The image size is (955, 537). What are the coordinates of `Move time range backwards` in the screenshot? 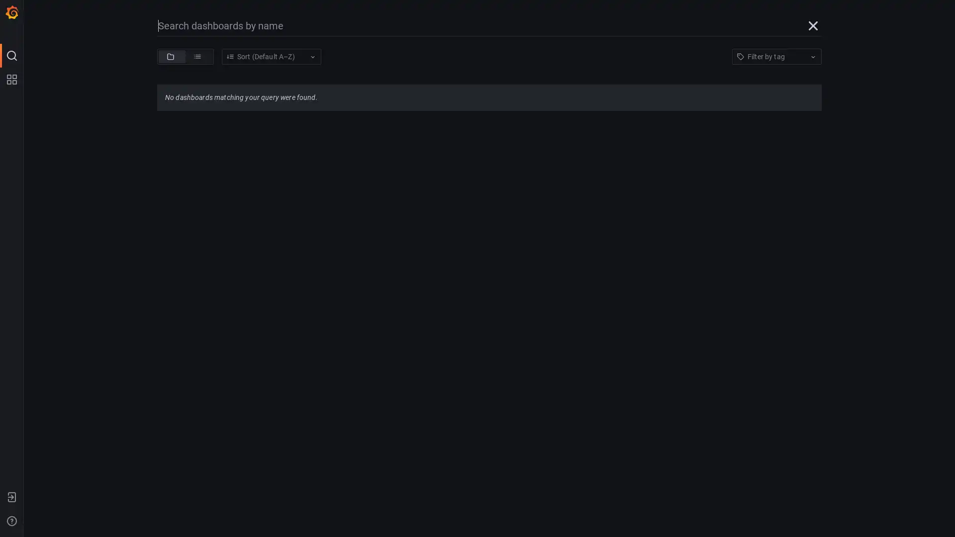 It's located at (669, 15).